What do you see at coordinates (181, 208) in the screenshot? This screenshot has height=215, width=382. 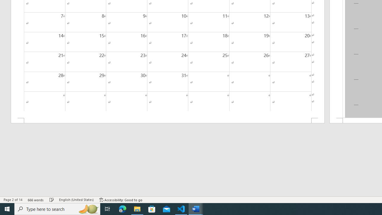 I see `'Visual Studio Code - 1 running window'` at bounding box center [181, 208].